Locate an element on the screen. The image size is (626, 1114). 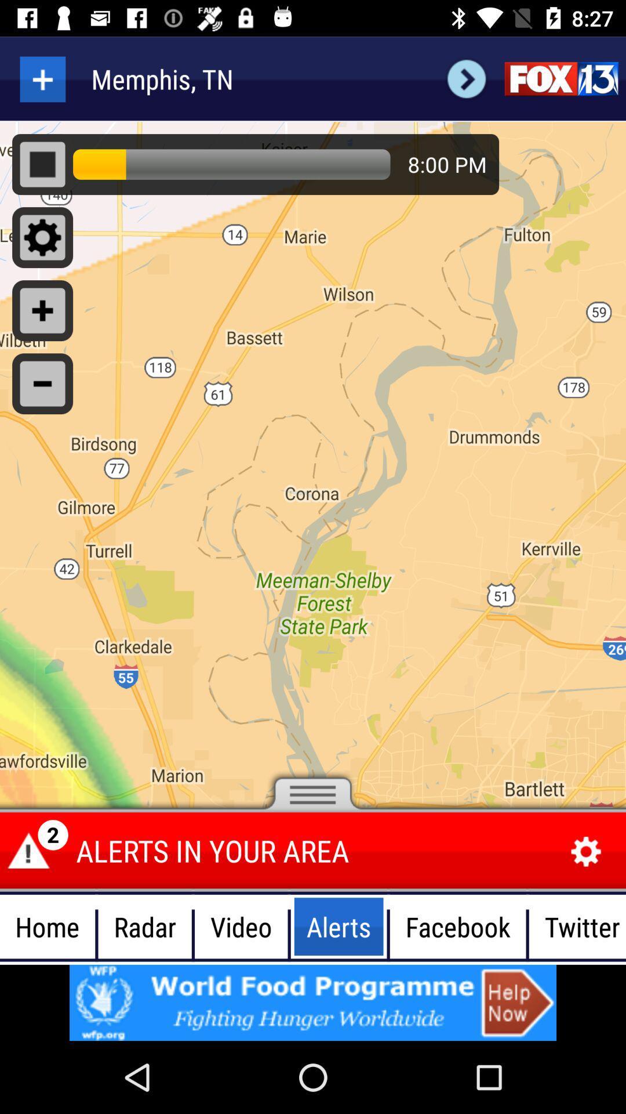
the add icon is located at coordinates (42, 78).